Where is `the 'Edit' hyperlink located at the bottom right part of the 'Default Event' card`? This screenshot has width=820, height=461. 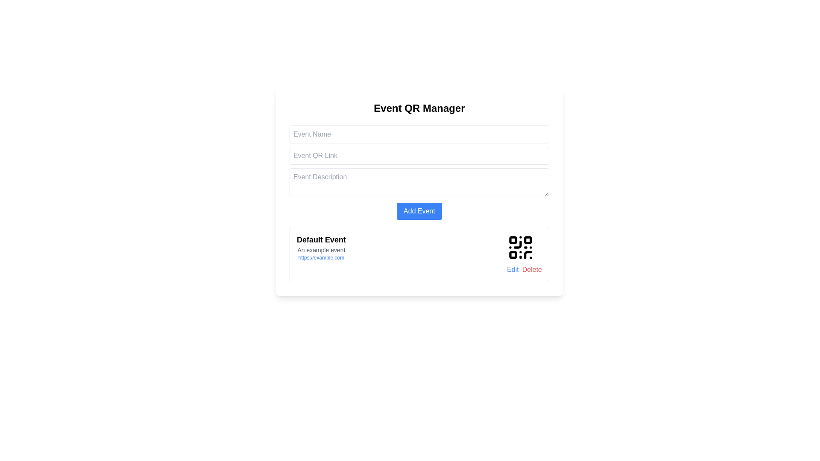 the 'Edit' hyperlink located at the bottom right part of the 'Default Event' card is located at coordinates (512, 270).